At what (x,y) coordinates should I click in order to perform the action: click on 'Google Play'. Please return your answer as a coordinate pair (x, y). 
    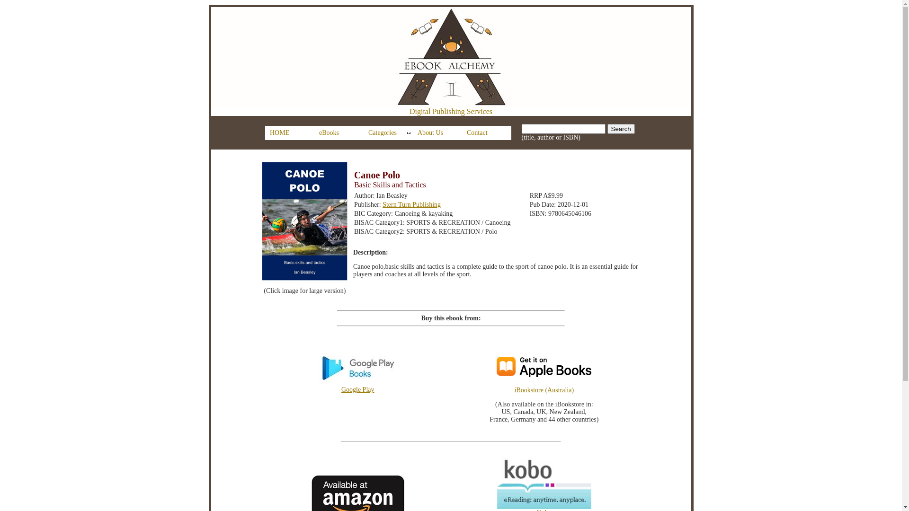
    Looking at the image, I should click on (311, 387).